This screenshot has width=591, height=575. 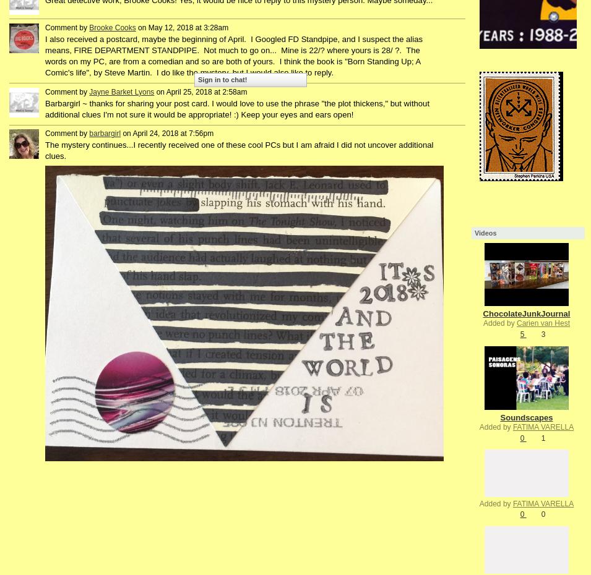 I want to click on 'Videos', so click(x=473, y=232).